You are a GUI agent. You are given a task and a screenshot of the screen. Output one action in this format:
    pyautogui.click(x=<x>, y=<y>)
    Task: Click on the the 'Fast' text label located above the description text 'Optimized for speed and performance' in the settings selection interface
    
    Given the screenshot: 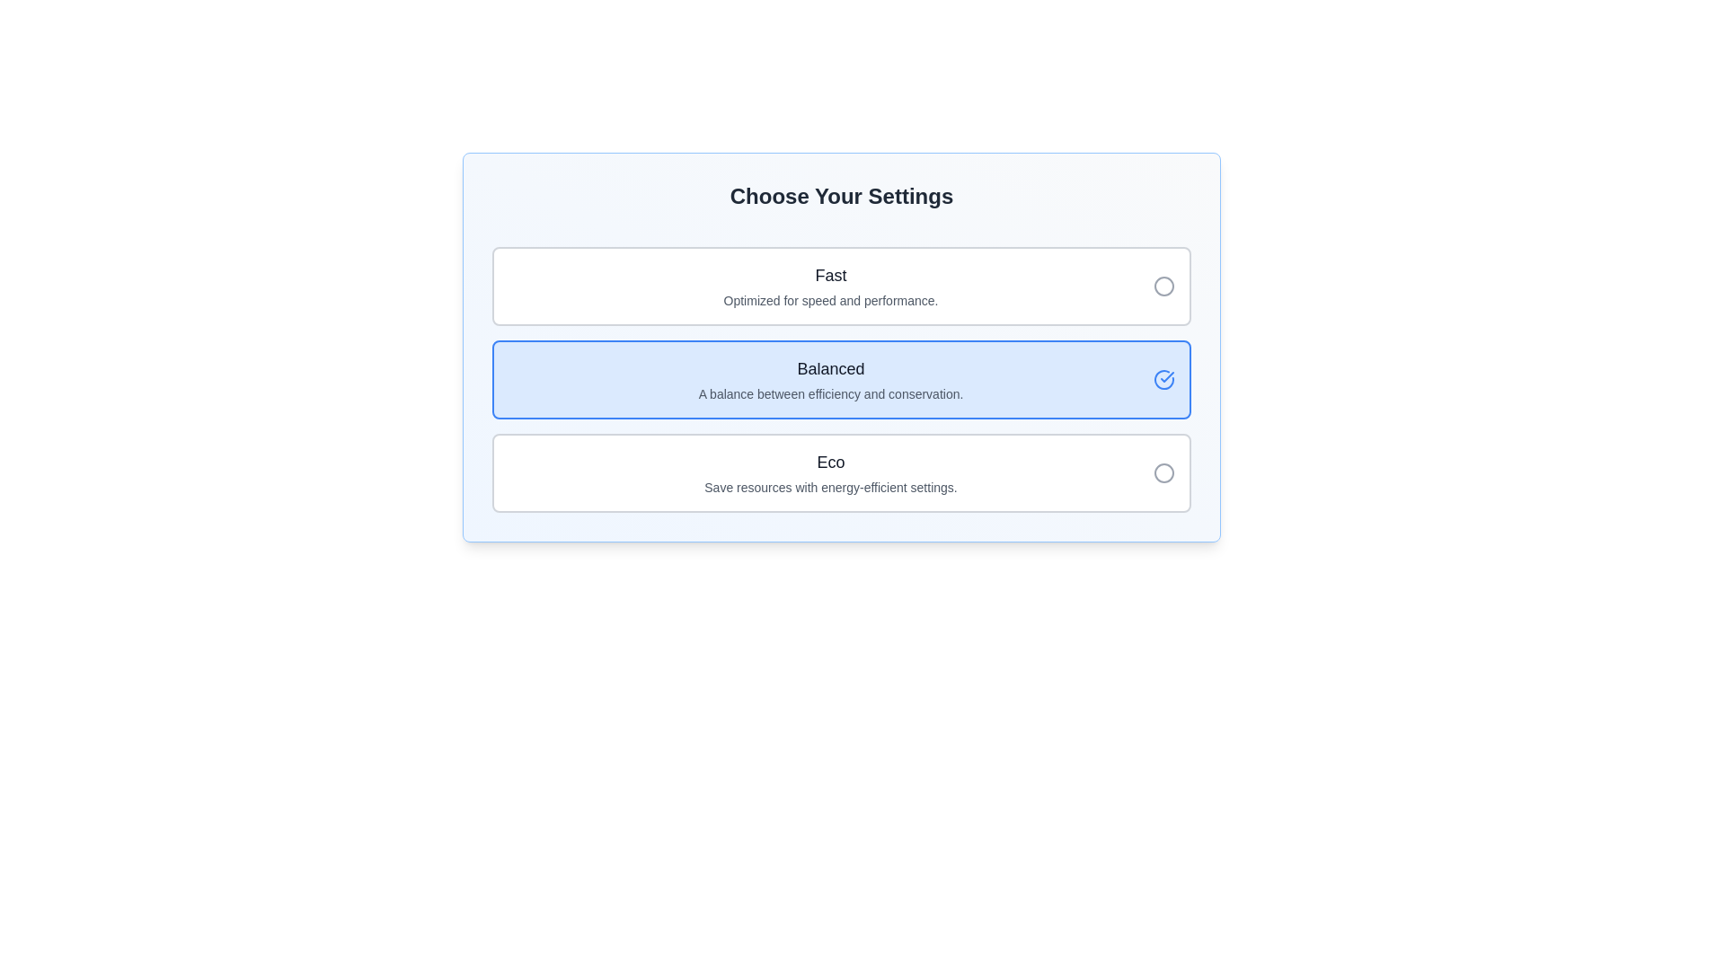 What is the action you would take?
    pyautogui.click(x=830, y=276)
    